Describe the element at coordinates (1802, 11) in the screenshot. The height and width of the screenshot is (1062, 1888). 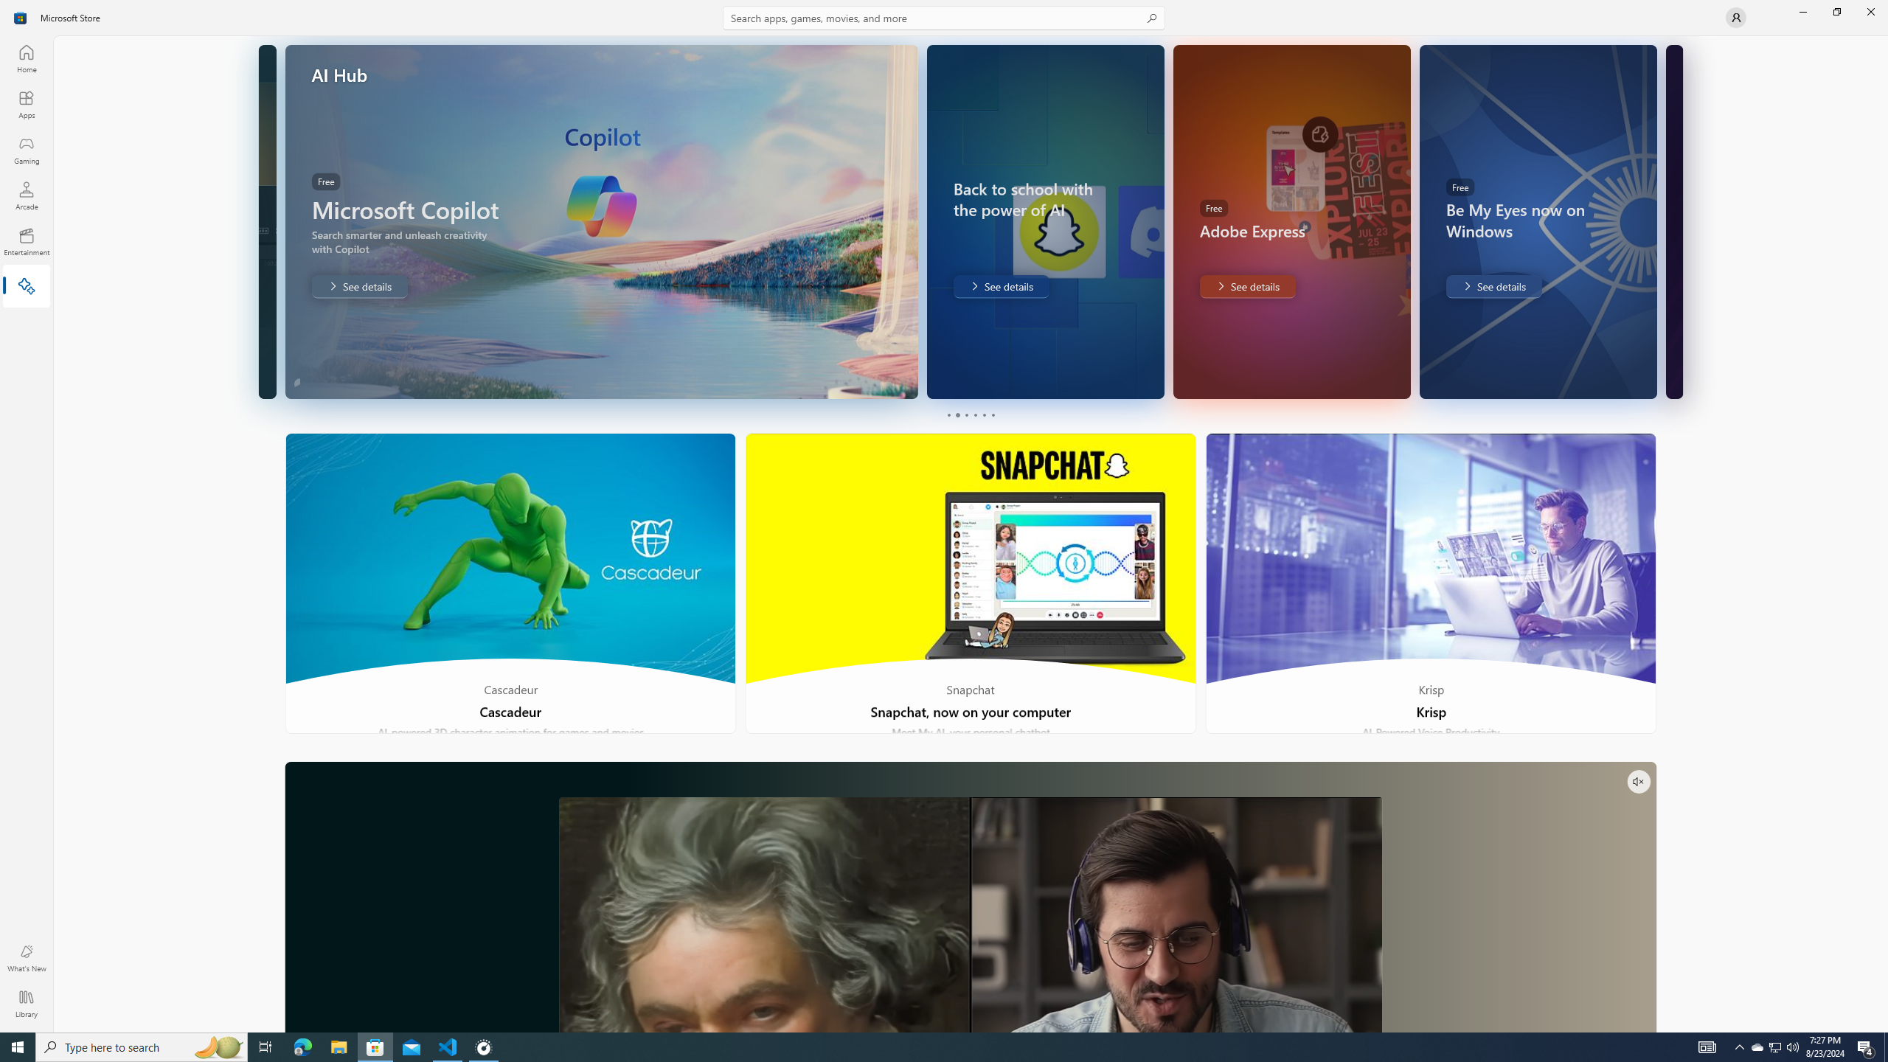
I see `'Minimize Microsoft Store'` at that location.